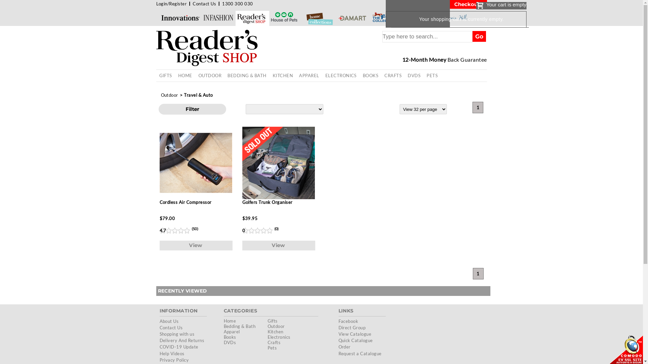 This screenshot has width=648, height=364. I want to click on 'OUTDOOR', so click(195, 75).